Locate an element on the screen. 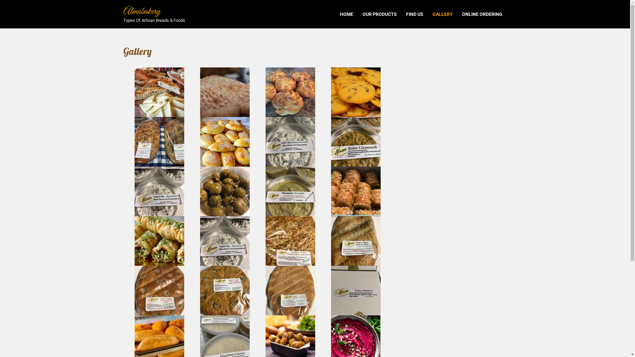 The width and height of the screenshot is (635, 357). 'HOME' is located at coordinates (346, 14).